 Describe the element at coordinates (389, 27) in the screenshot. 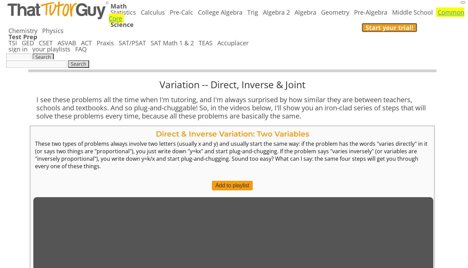

I see `'Start your trial!'` at that location.